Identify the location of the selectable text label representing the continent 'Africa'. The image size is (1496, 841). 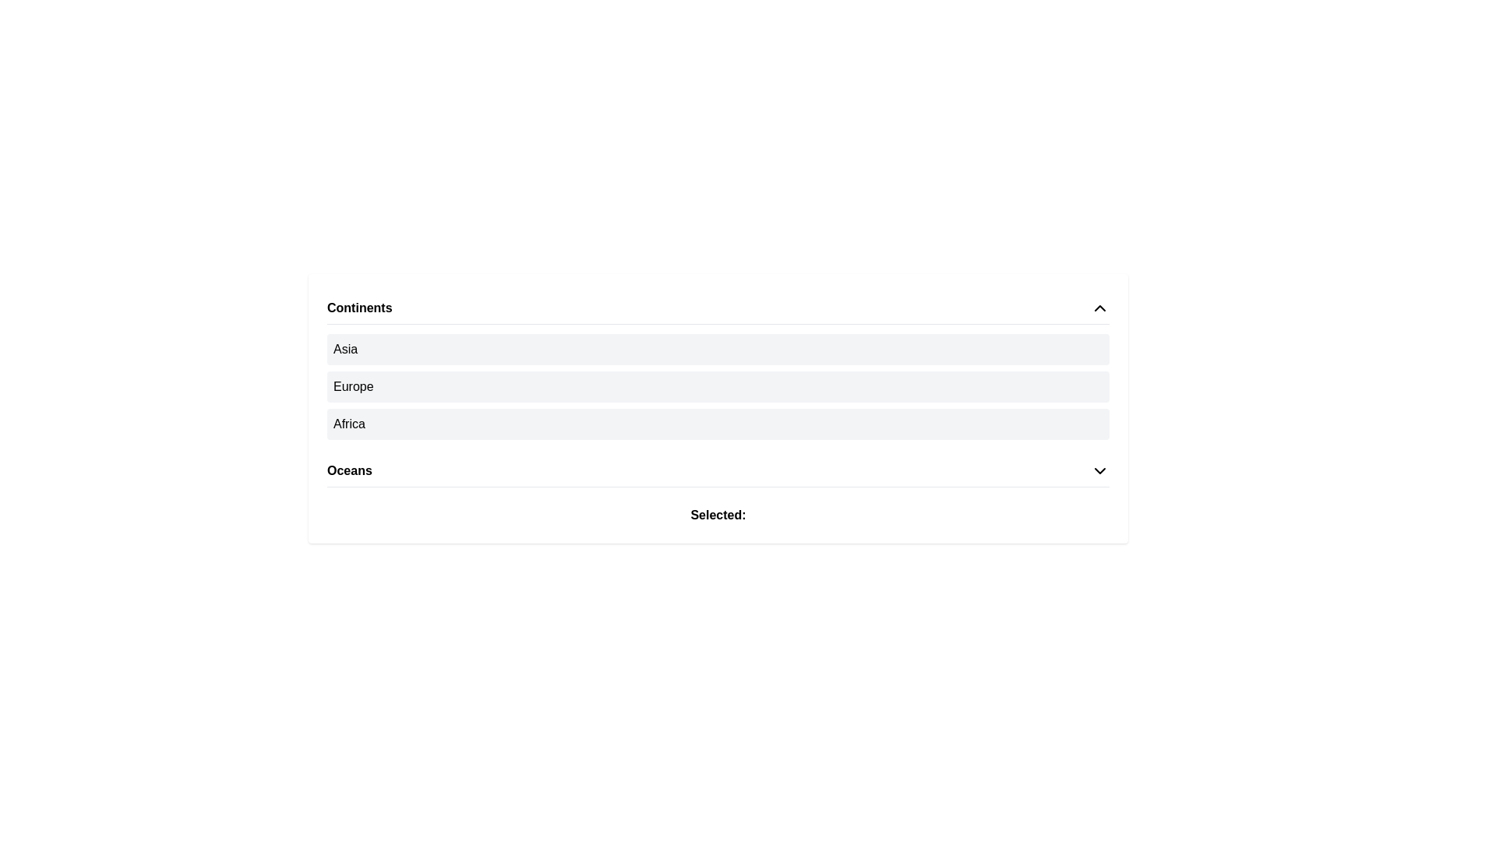
(348, 424).